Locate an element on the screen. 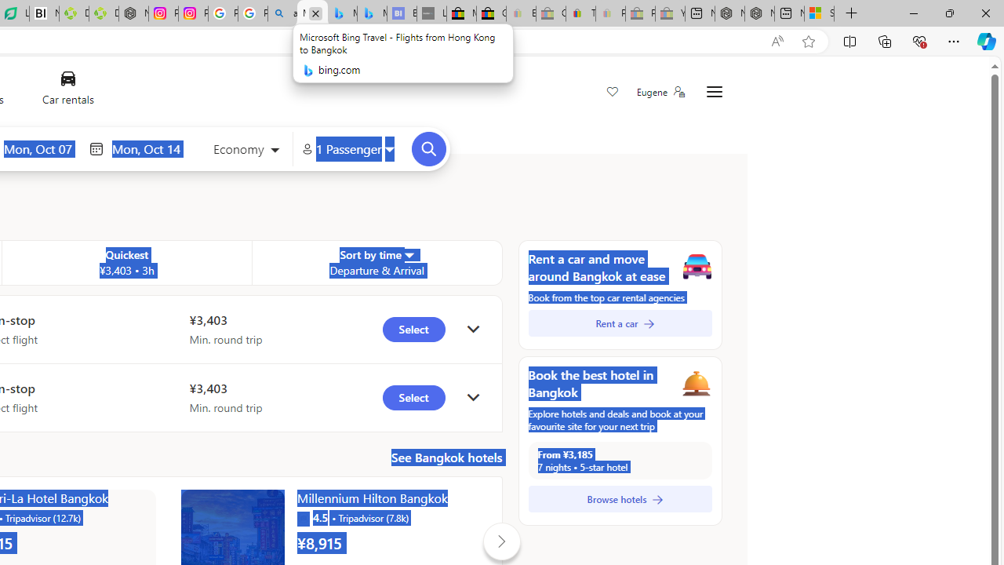 The image size is (1004, 565). 'Yard, Garden & Outdoor Living - Sleeping' is located at coordinates (670, 13).